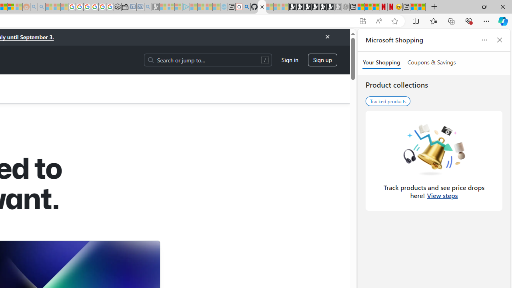  What do you see at coordinates (362, 21) in the screenshot?
I see `'App available. Install GitHub'` at bounding box center [362, 21].